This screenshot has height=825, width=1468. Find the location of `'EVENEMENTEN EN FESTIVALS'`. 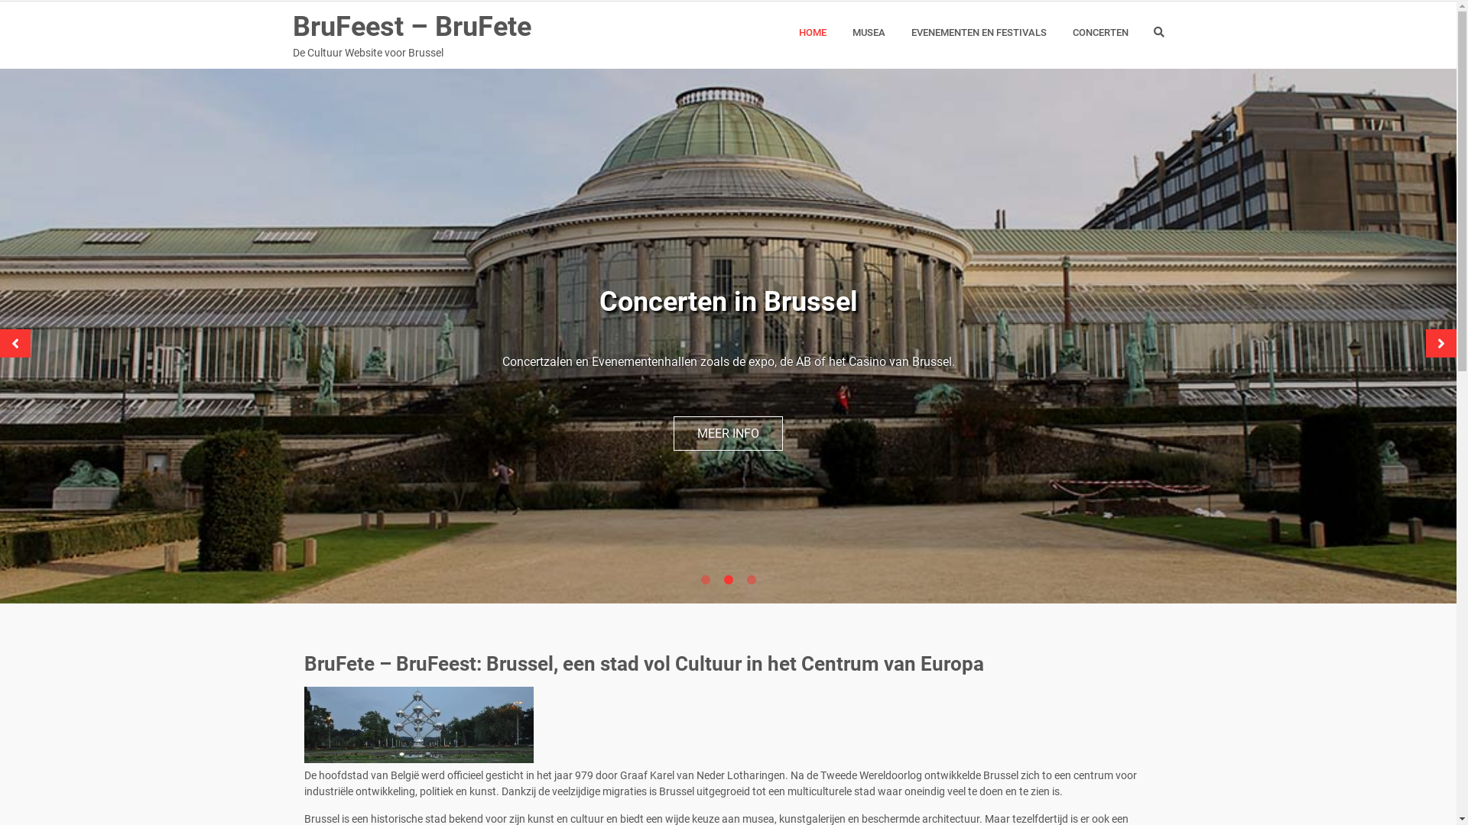

'EVENEMENTEN EN FESTIVALS' is located at coordinates (902, 32).